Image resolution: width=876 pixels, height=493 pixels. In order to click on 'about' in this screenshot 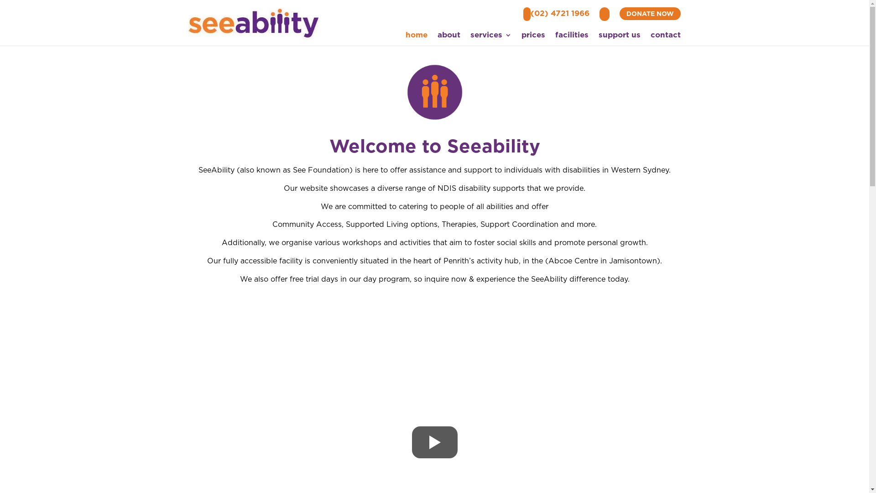, I will do `click(448, 37)`.